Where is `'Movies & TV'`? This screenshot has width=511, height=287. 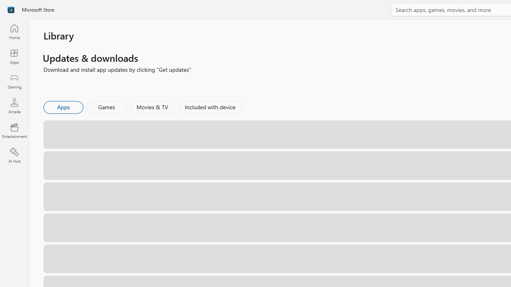
'Movies & TV' is located at coordinates (152, 106).